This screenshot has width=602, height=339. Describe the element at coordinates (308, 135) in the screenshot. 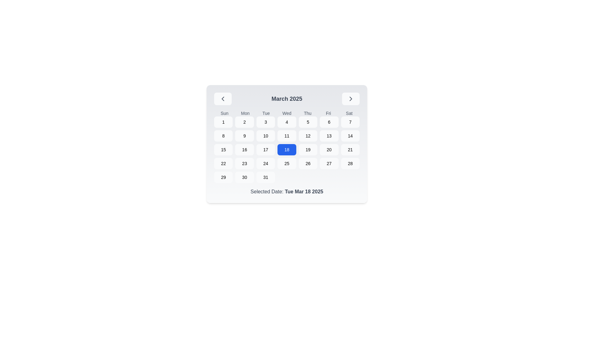

I see `the calendar day cell displaying the number '12'` at that location.